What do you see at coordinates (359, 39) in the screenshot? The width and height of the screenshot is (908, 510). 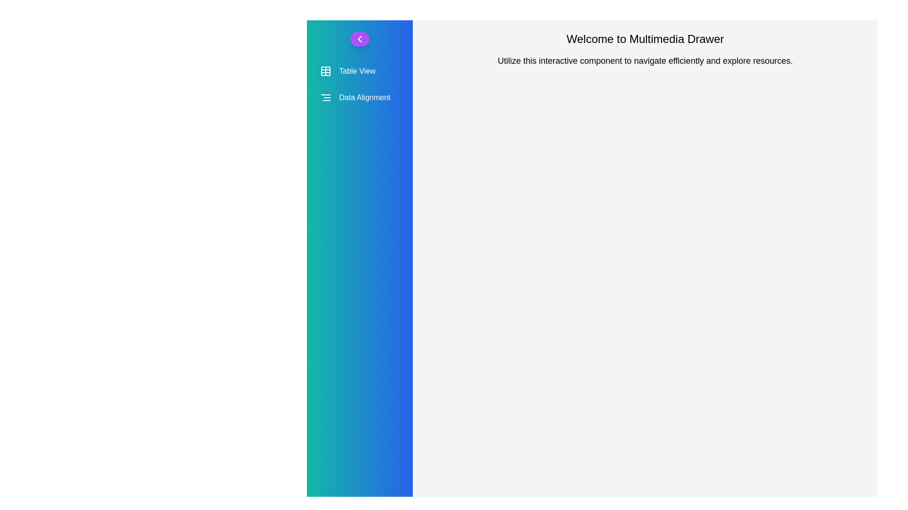 I see `the purple button to toggle the drawer` at bounding box center [359, 39].